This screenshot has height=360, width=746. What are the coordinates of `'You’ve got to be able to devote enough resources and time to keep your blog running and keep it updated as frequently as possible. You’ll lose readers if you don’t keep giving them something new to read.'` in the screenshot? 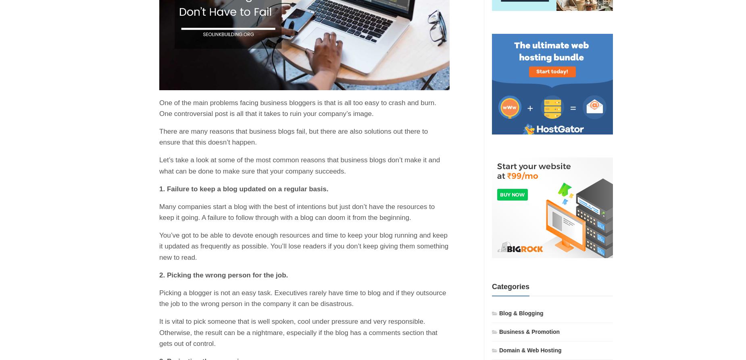 It's located at (158, 246).